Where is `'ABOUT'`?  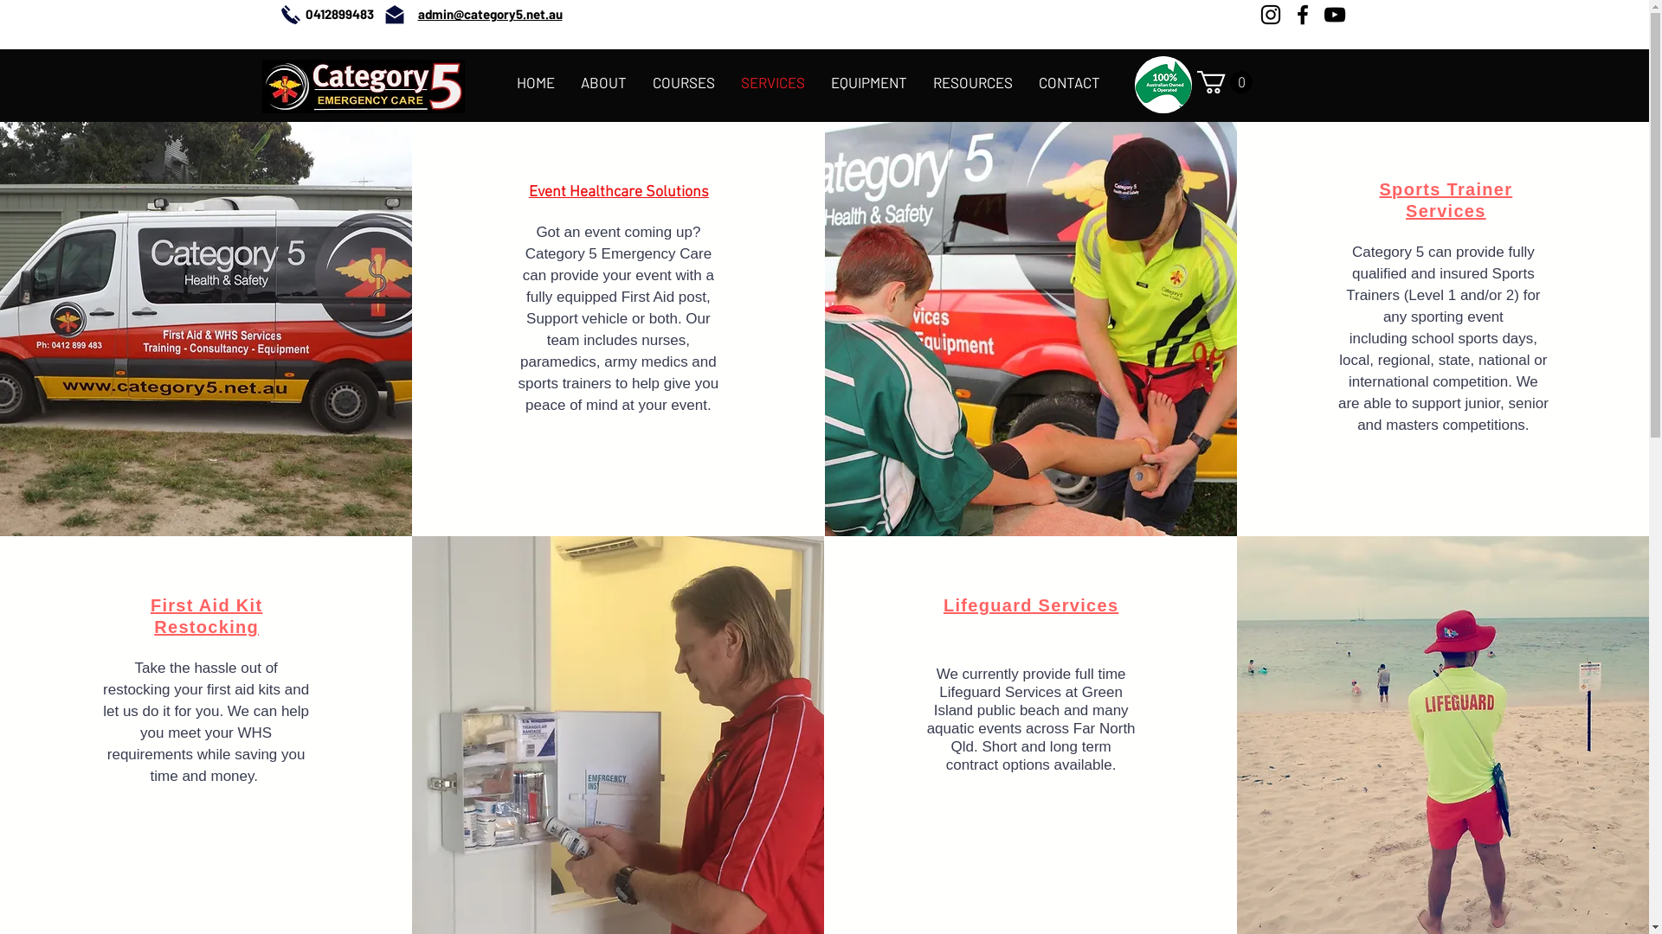
'ABOUT' is located at coordinates (568, 82).